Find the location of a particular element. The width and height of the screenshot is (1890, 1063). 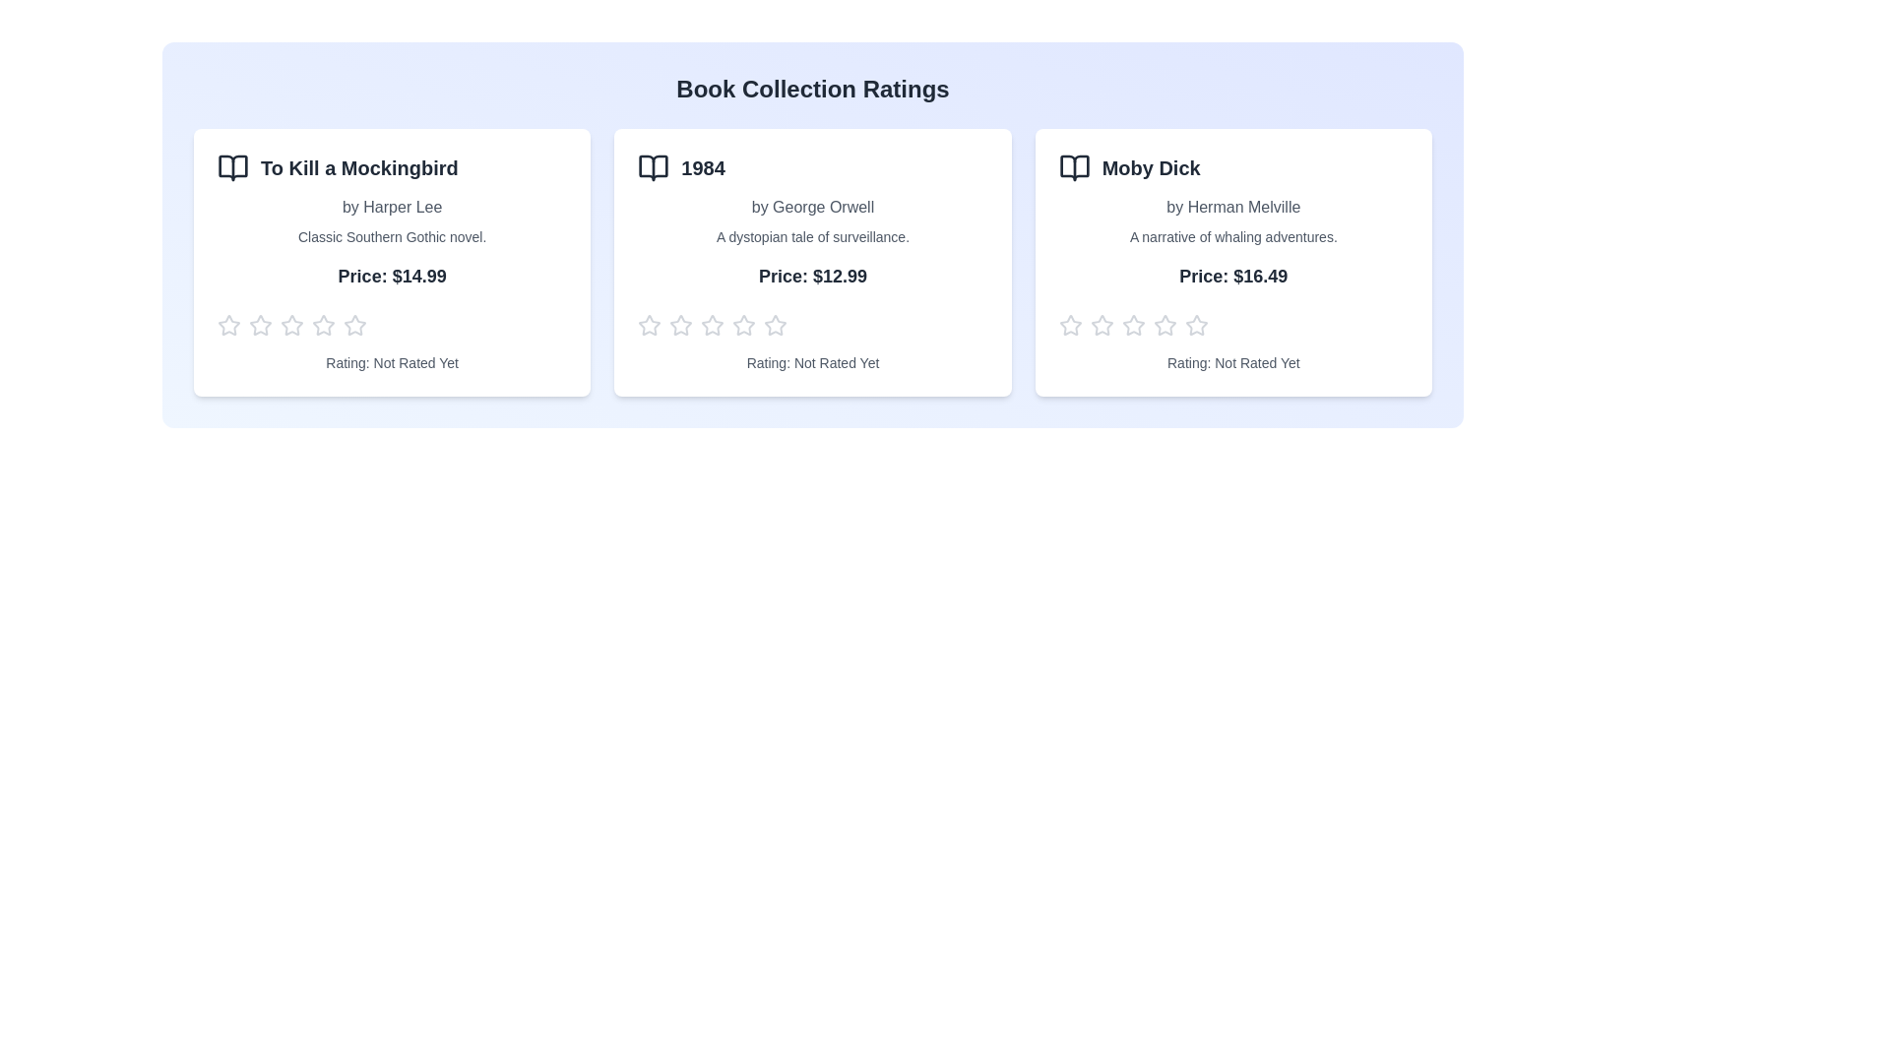

the book card for Moby Dick is located at coordinates (1232, 261).